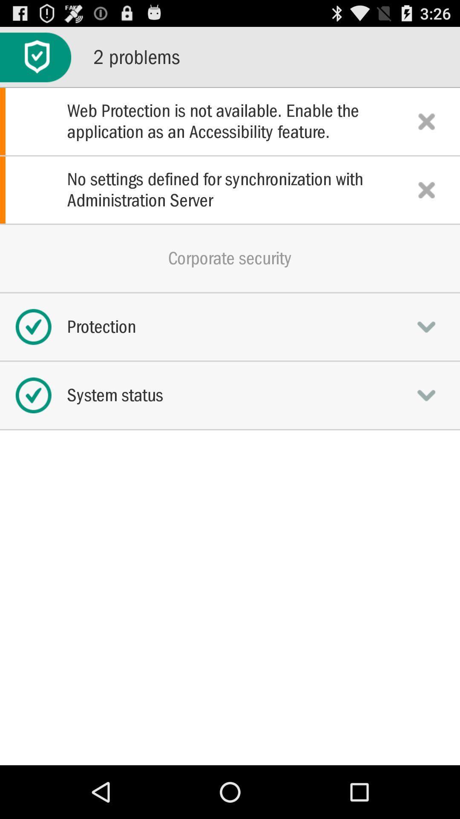  I want to click on section, so click(426, 121).